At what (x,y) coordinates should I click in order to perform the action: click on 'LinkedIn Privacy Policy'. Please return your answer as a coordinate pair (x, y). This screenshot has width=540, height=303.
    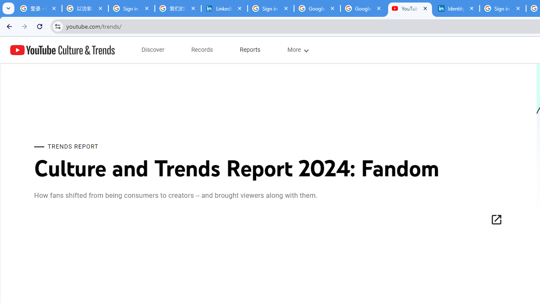
    Looking at the image, I should click on (224, 8).